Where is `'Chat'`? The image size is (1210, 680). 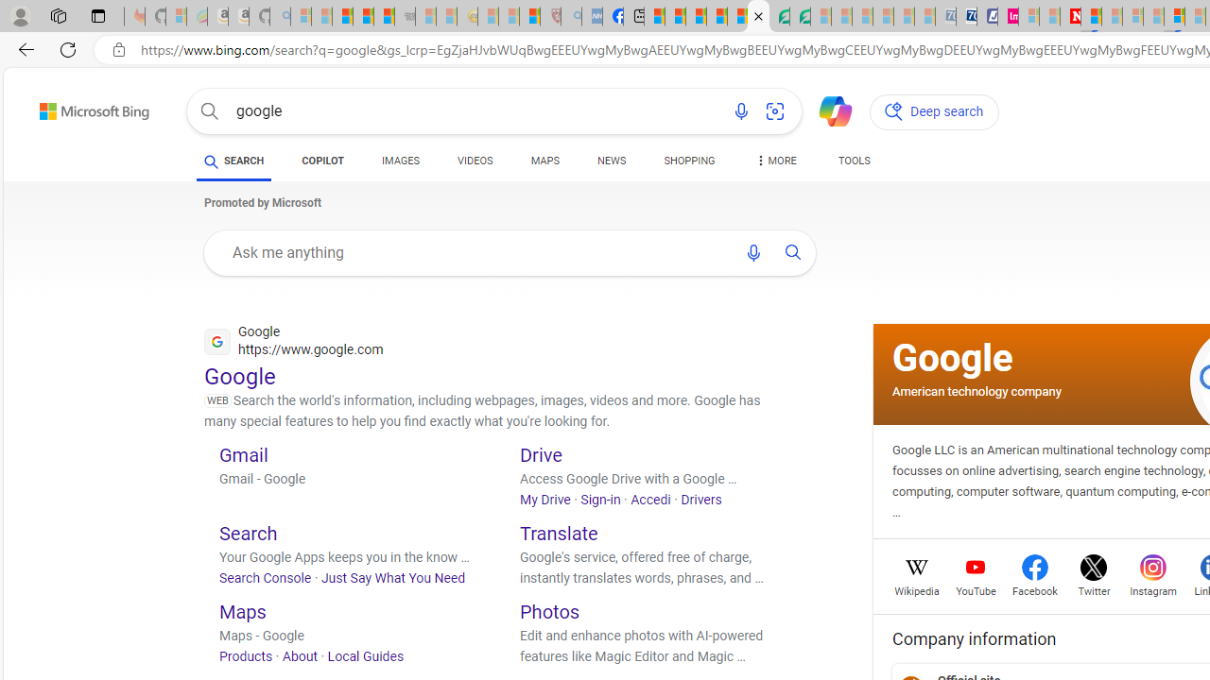 'Chat' is located at coordinates (827, 110).